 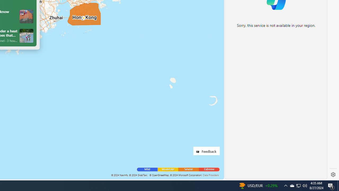 I want to click on 'Data Providers', so click(x=210, y=175).